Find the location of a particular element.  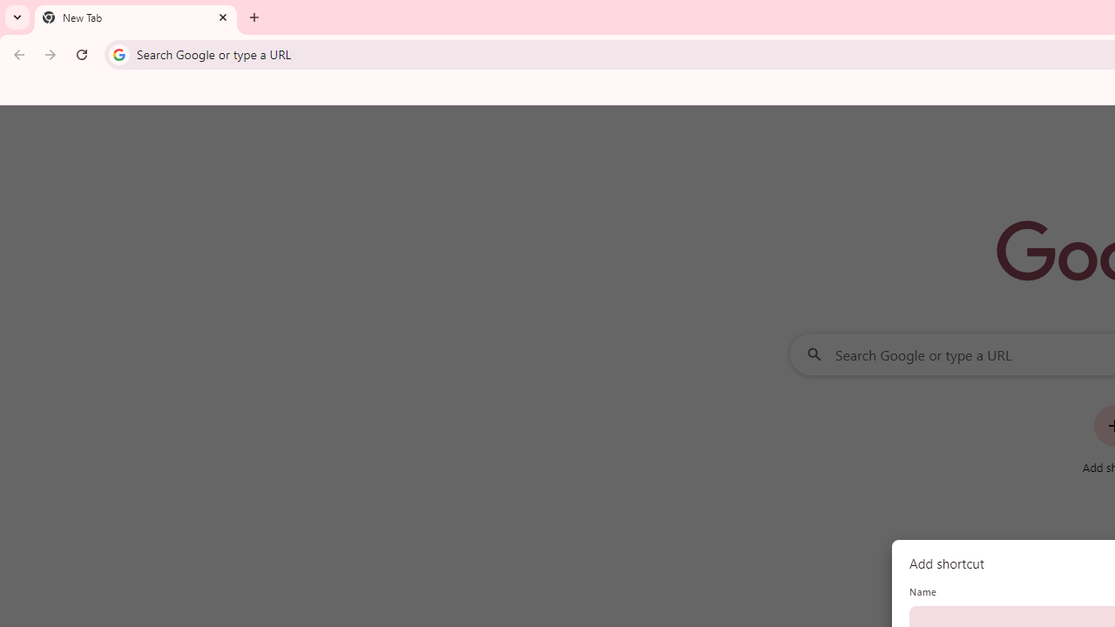

'New Tab' is located at coordinates (135, 17).